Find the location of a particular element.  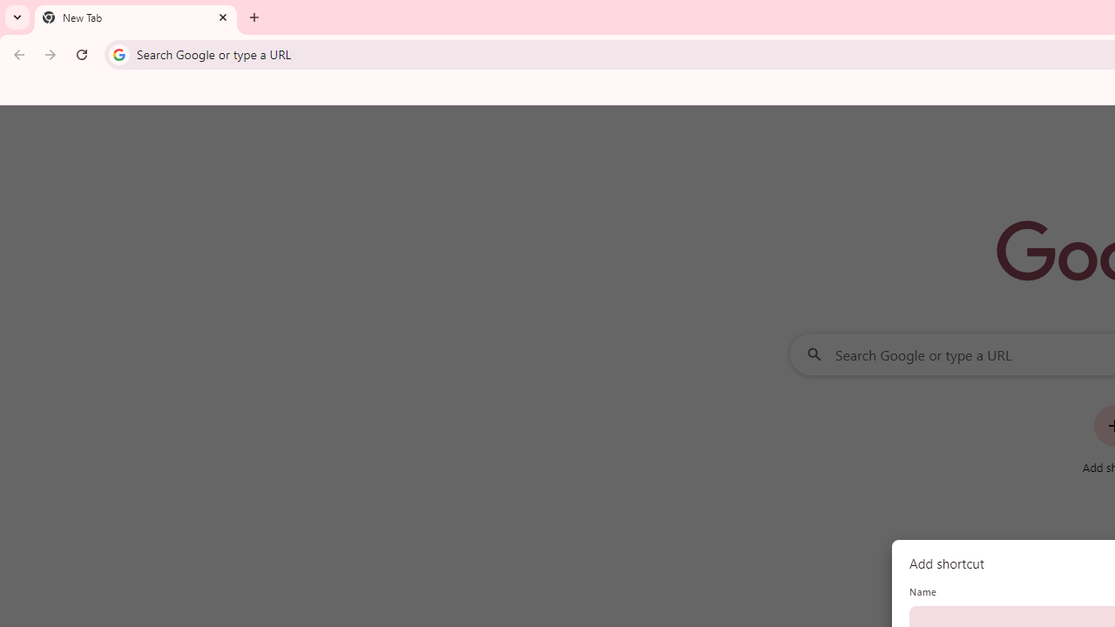

'New Tab' is located at coordinates (135, 17).